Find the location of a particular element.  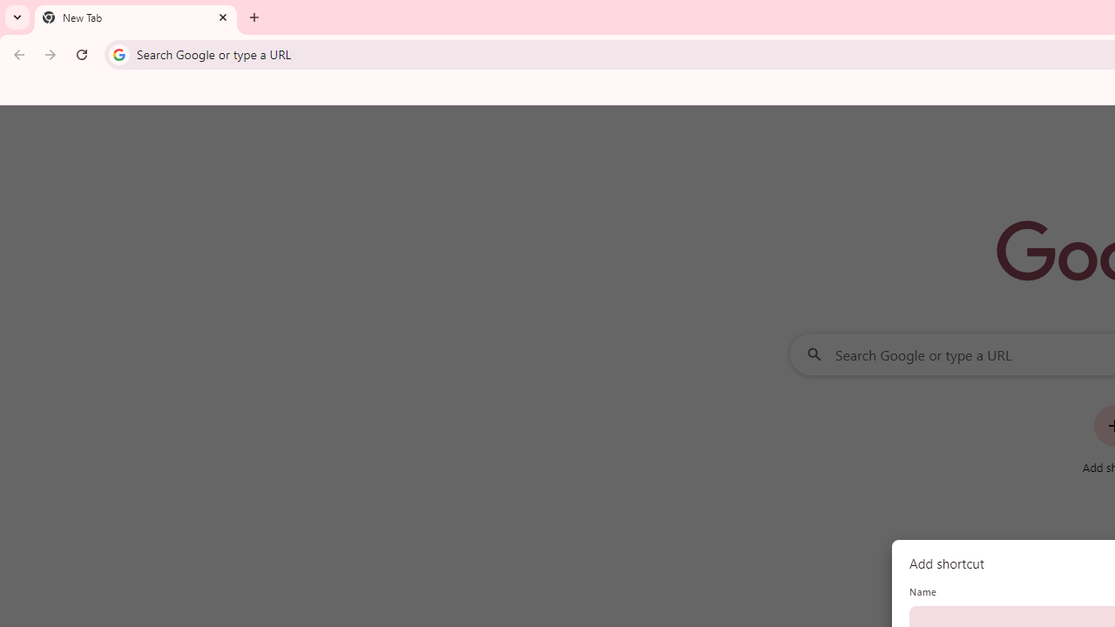

'New Tab' is located at coordinates (135, 17).